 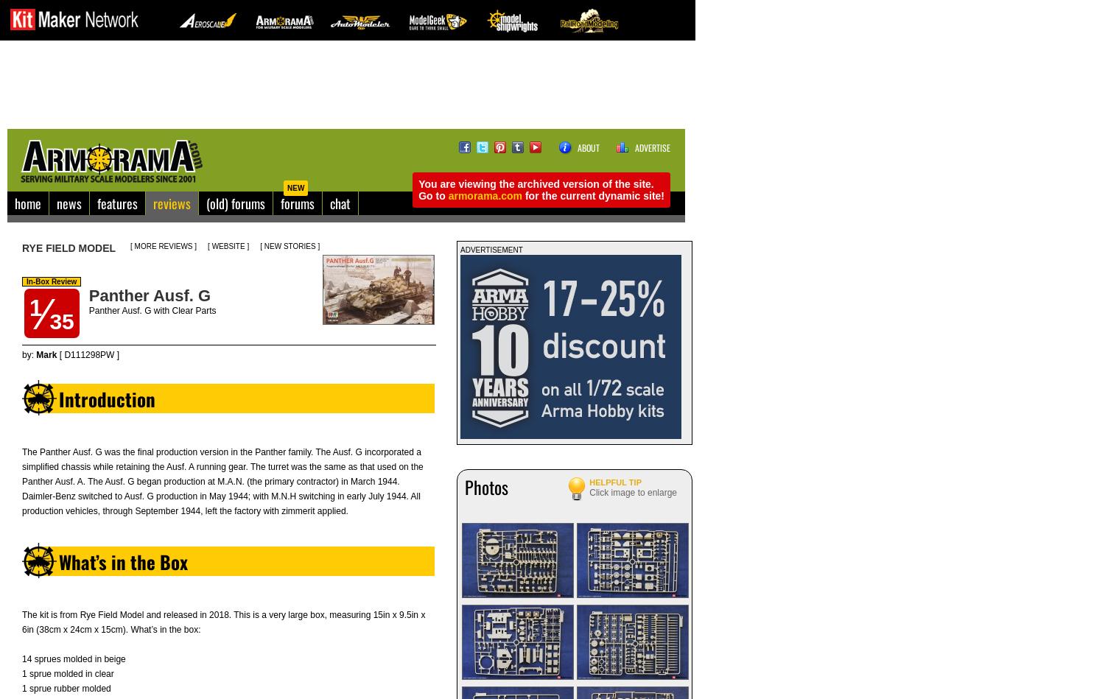 I want to click on 'ABOUT', so click(x=588, y=147).